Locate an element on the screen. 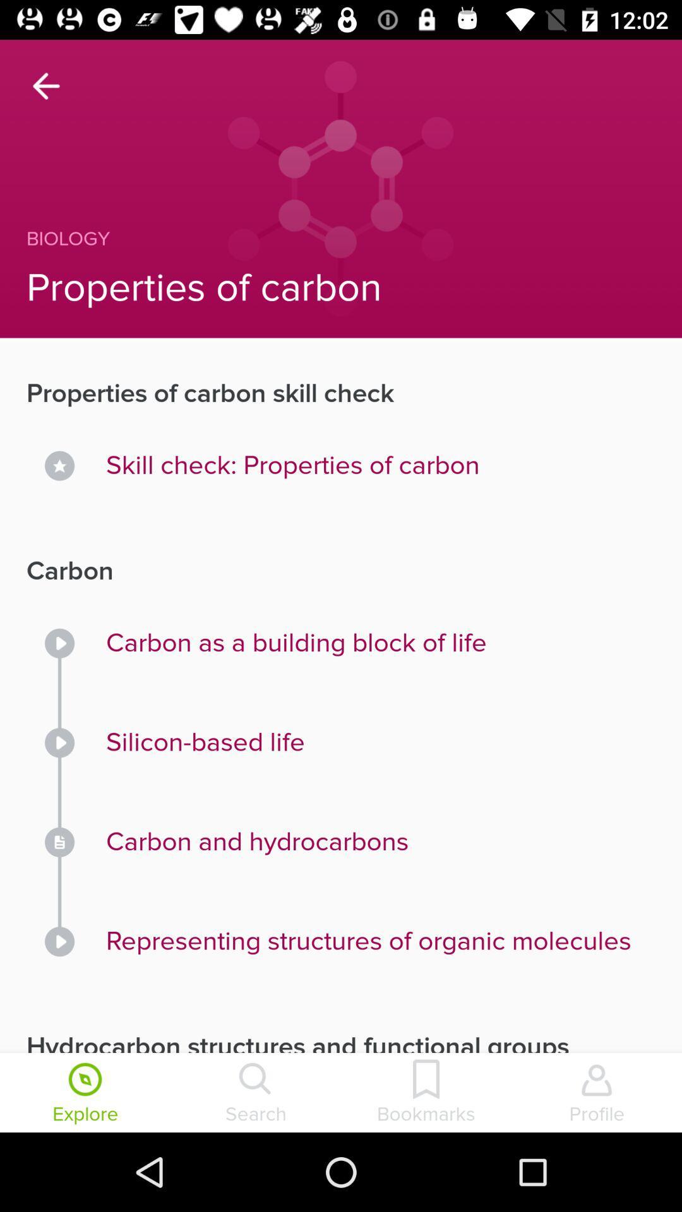 The height and width of the screenshot is (1212, 682). item to the left of the bookmarks is located at coordinates (256, 1093).